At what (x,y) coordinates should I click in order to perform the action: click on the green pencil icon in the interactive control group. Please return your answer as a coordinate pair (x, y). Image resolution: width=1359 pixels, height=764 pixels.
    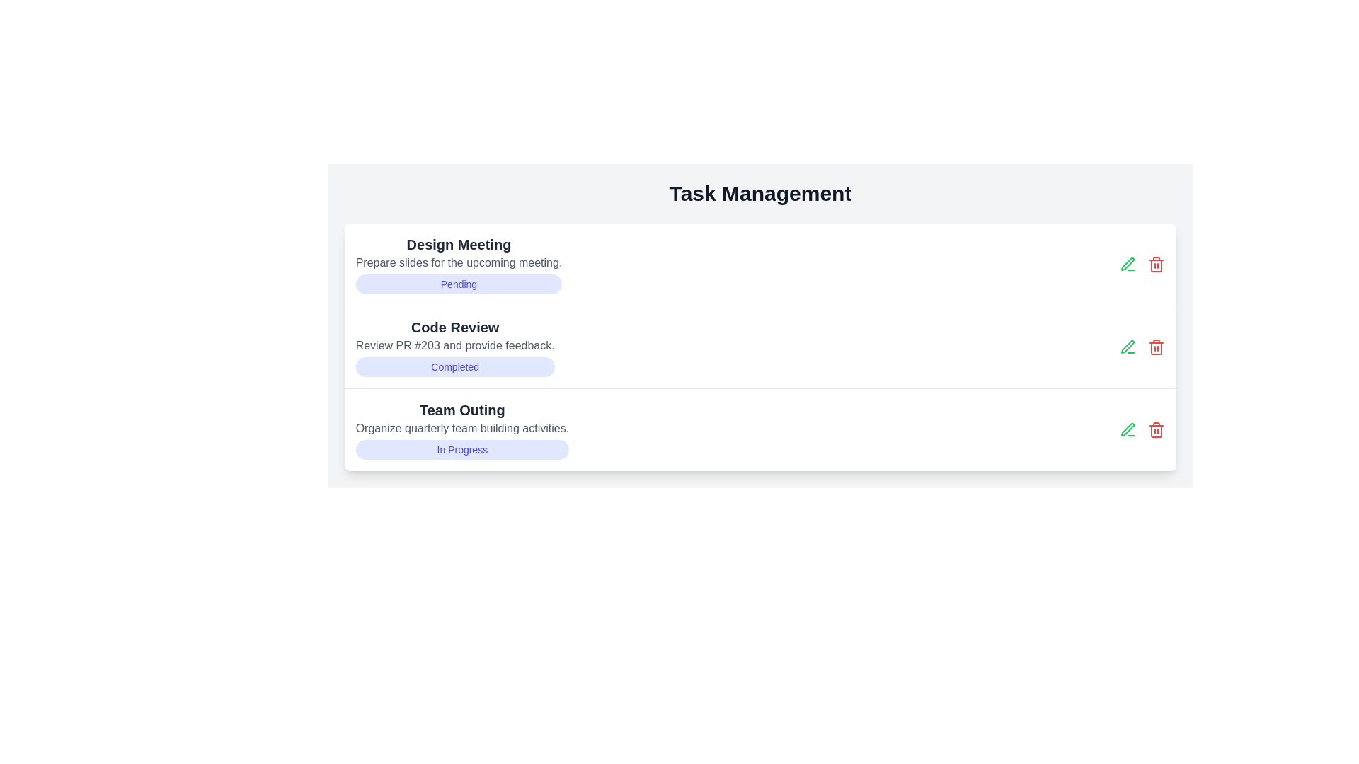
    Looking at the image, I should click on (1142, 429).